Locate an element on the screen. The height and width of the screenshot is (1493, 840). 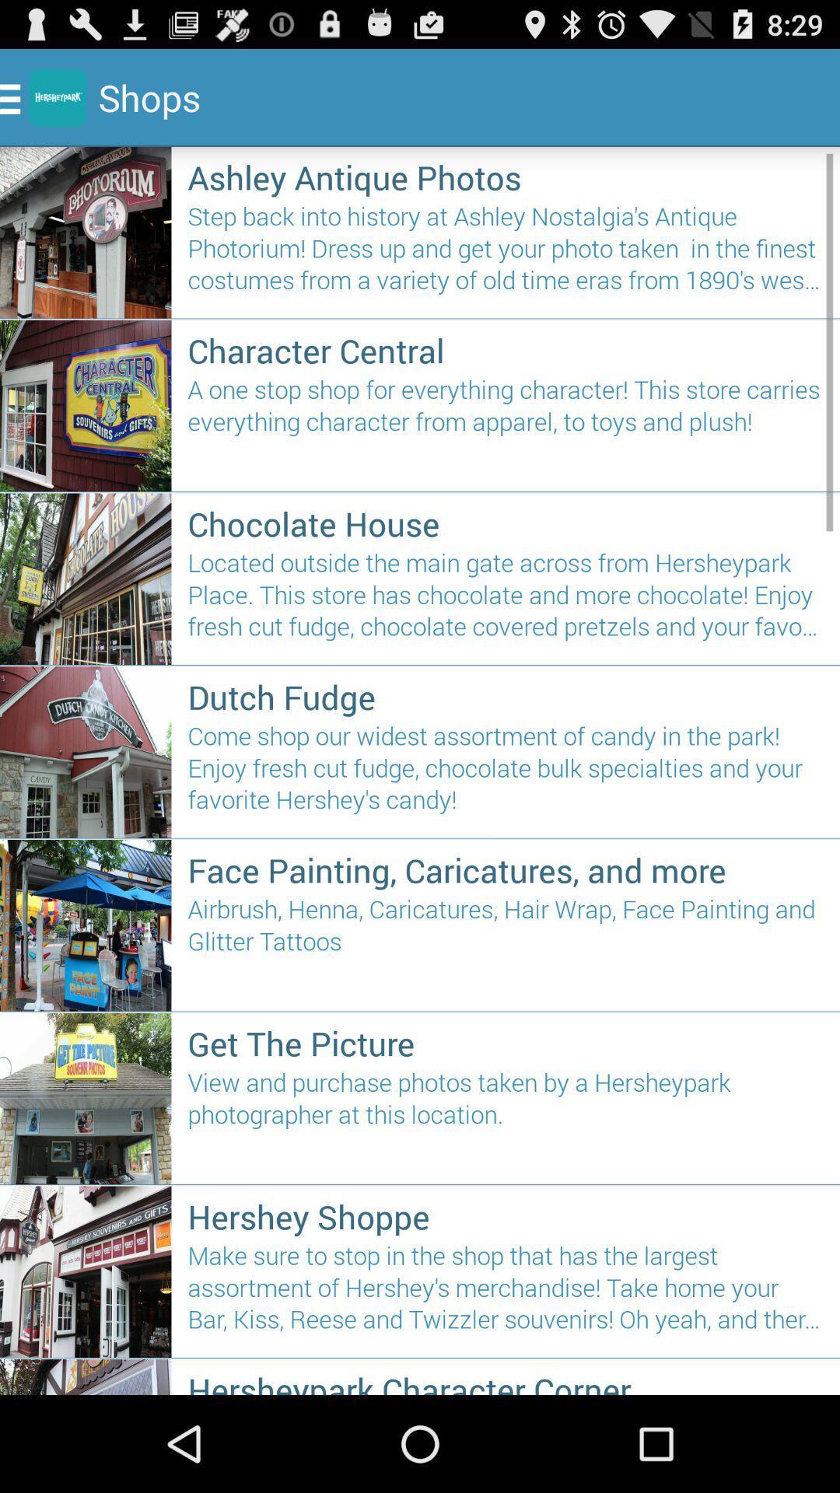
icon above the chocolate house item is located at coordinates (506, 428).